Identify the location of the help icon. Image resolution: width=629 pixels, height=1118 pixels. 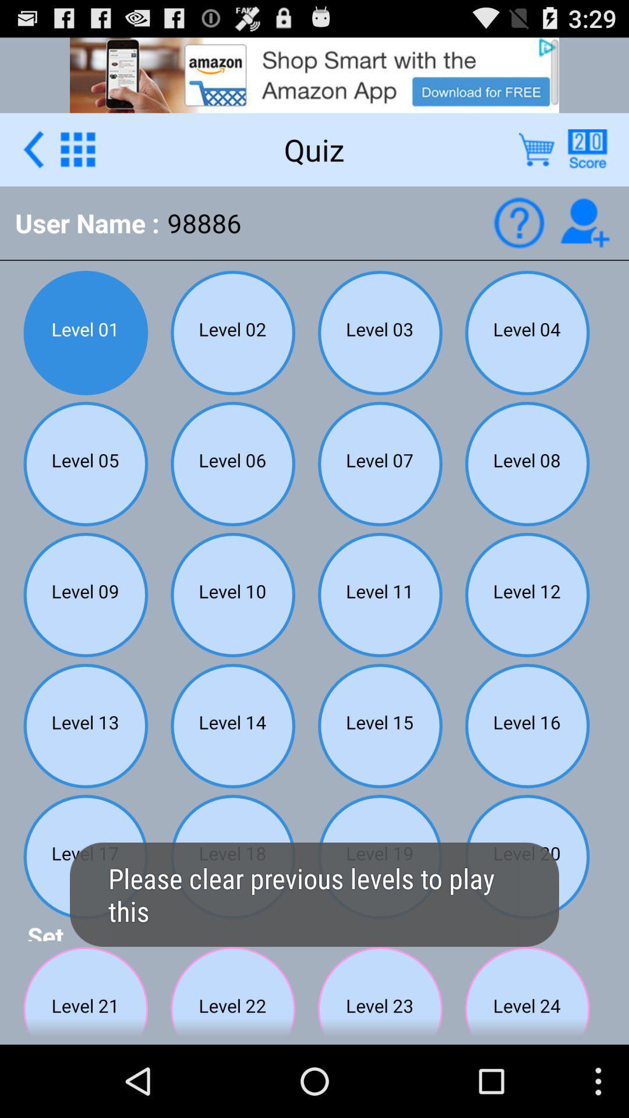
(518, 238).